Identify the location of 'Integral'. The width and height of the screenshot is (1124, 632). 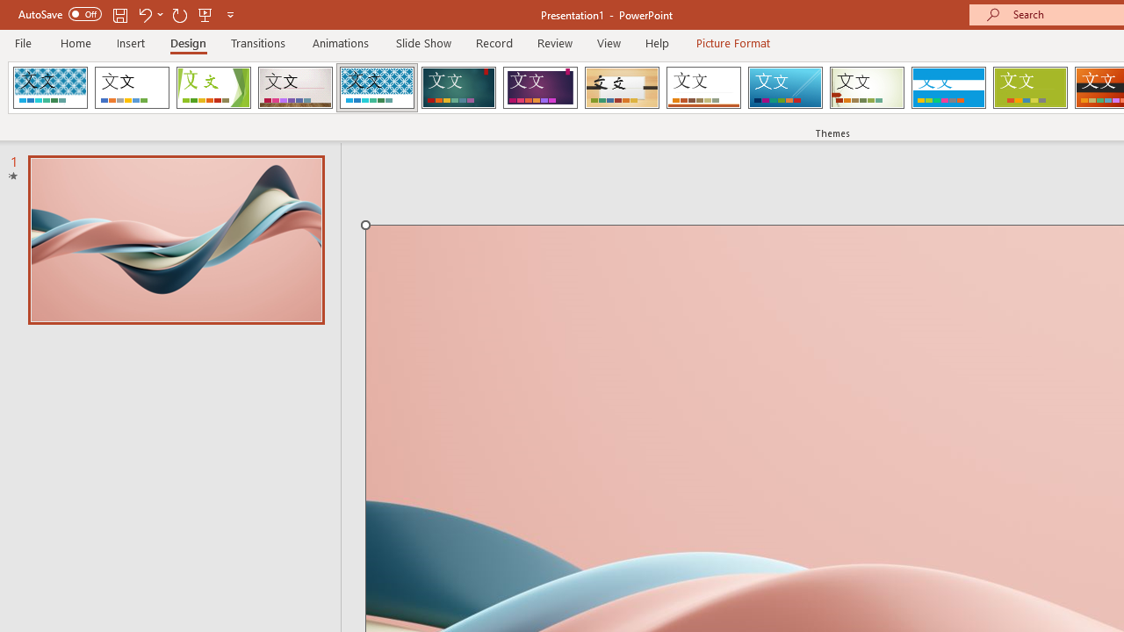
(376, 88).